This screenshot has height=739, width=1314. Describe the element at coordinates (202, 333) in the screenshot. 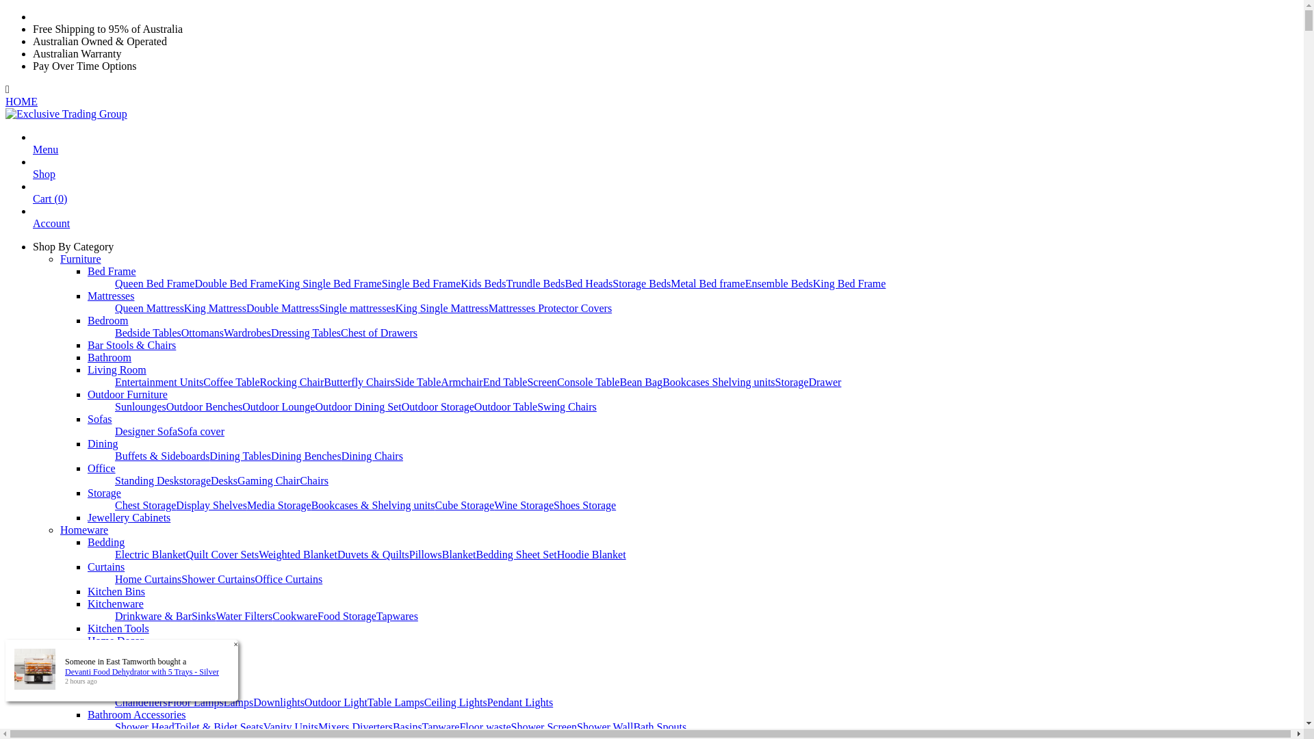

I see `'Ottomans'` at that location.